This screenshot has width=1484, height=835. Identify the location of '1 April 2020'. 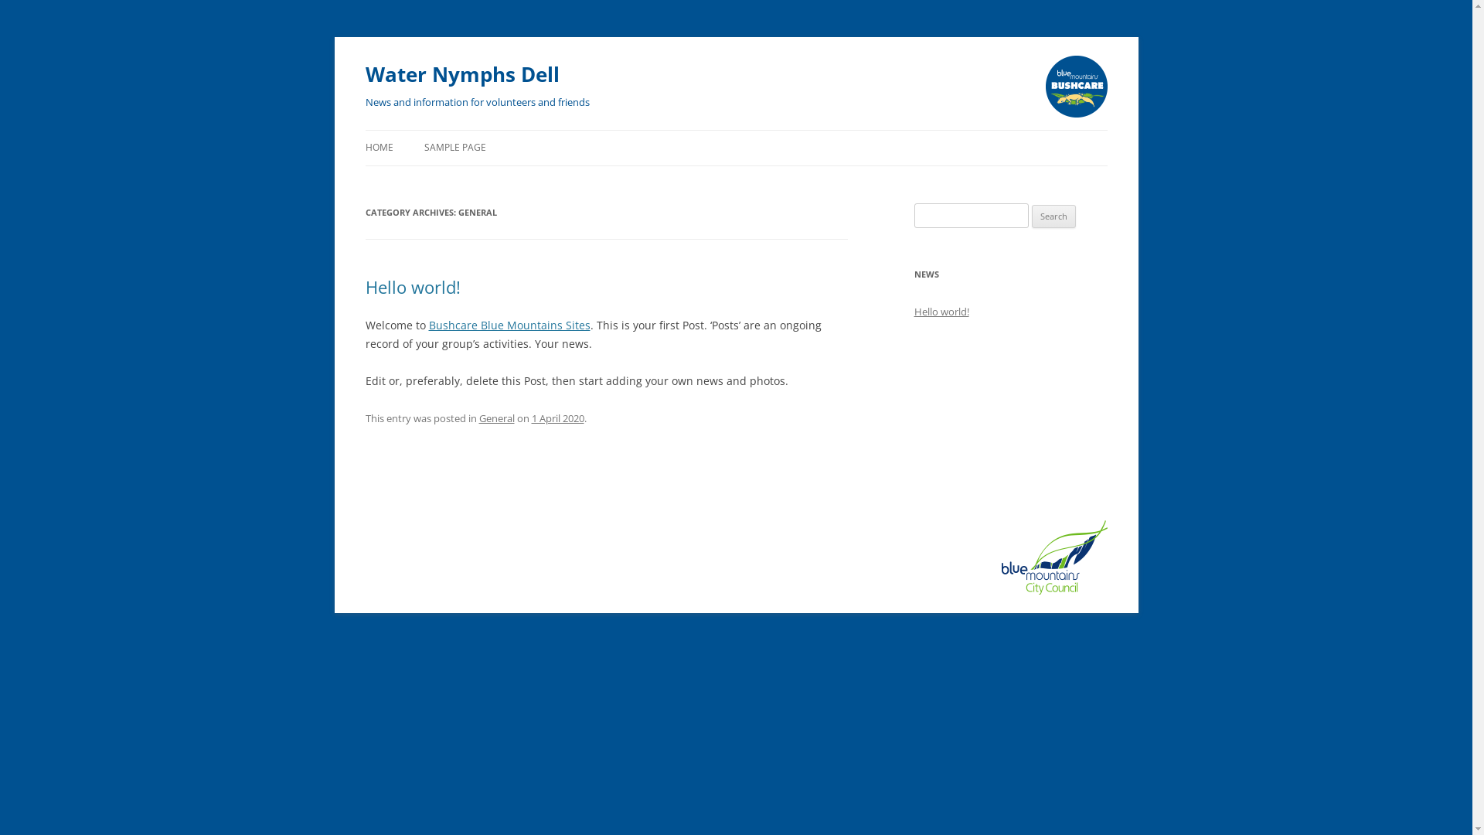
(556, 417).